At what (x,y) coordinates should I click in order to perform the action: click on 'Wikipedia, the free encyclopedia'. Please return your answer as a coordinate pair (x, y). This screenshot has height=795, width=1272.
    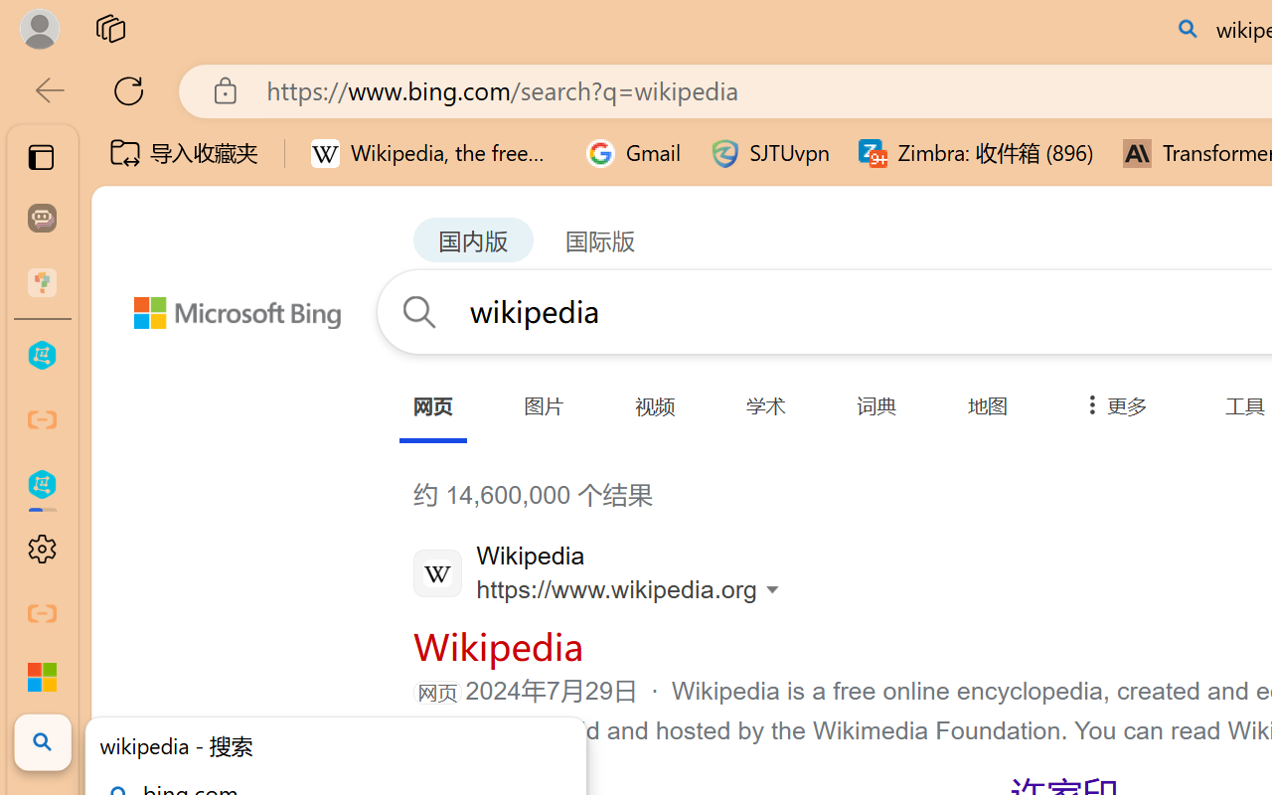
    Looking at the image, I should click on (433, 153).